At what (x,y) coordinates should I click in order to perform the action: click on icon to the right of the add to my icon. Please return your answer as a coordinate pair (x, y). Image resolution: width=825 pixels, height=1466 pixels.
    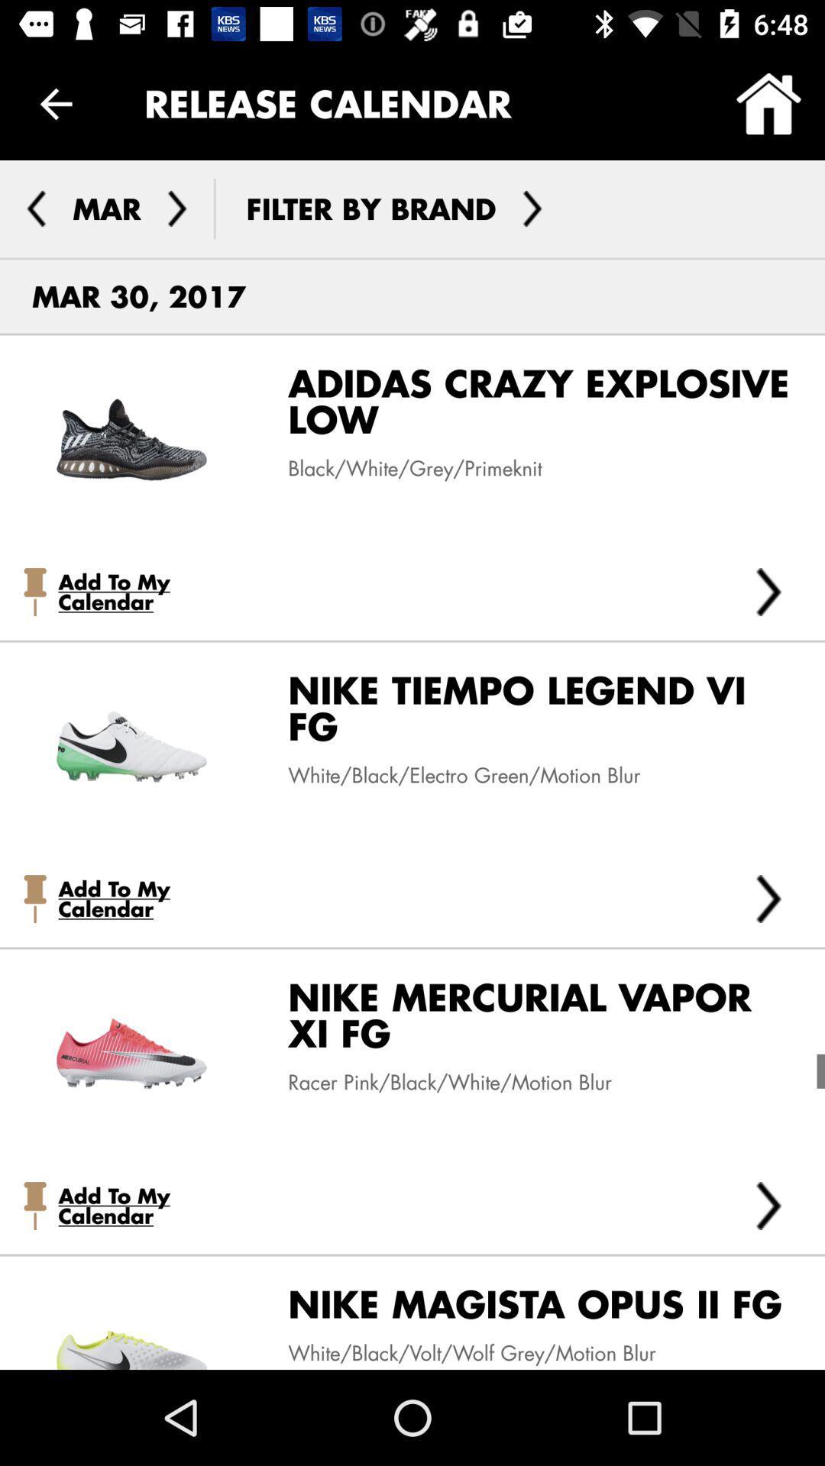
    Looking at the image, I should click on (768, 591).